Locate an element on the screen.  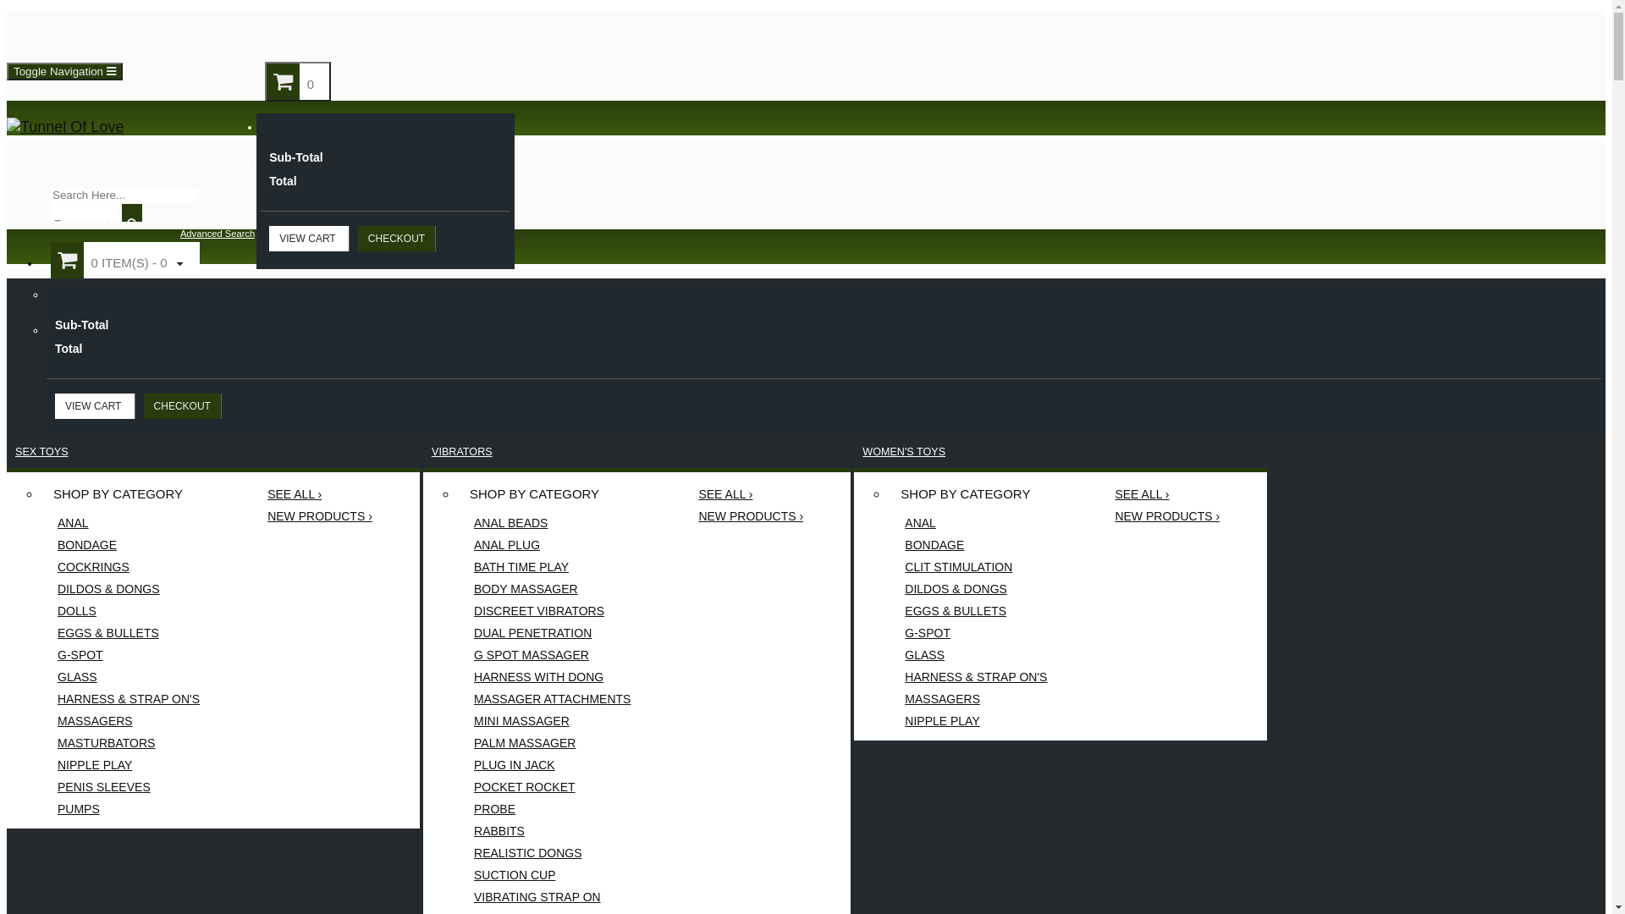
'MASSAGERS' is located at coordinates (887, 698).